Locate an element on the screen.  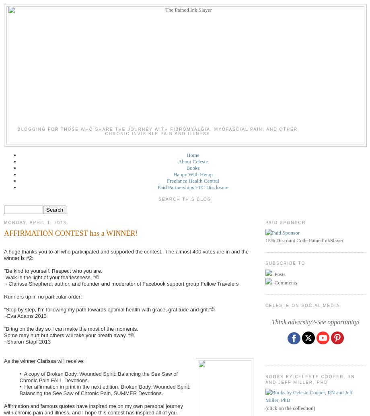
'~Sharon Stapf 2013' is located at coordinates (27, 341).